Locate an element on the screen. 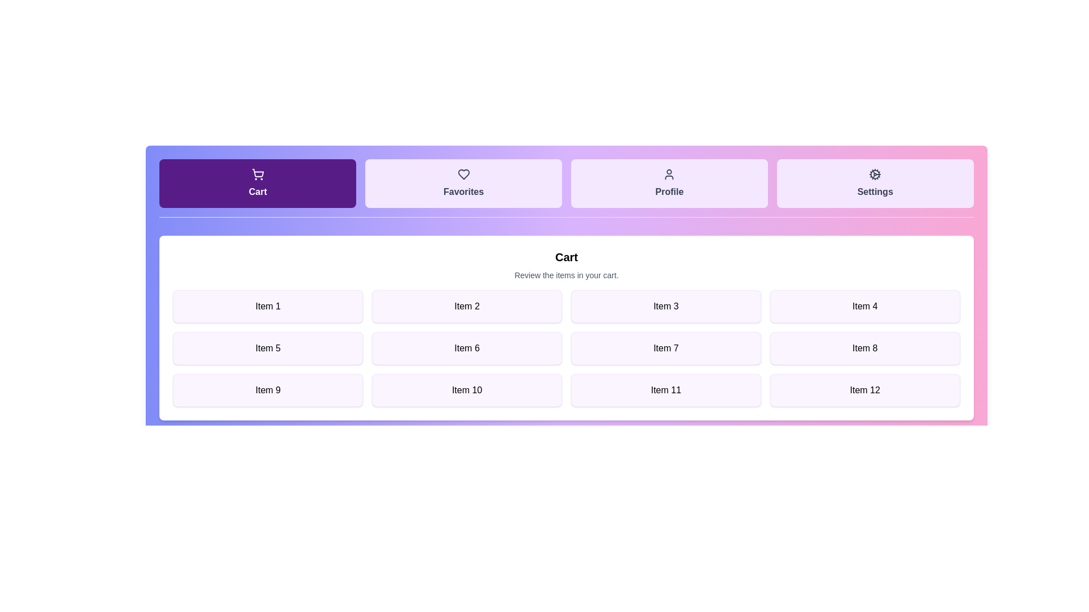  the Favorites tab to observe its visual design is located at coordinates (463, 183).